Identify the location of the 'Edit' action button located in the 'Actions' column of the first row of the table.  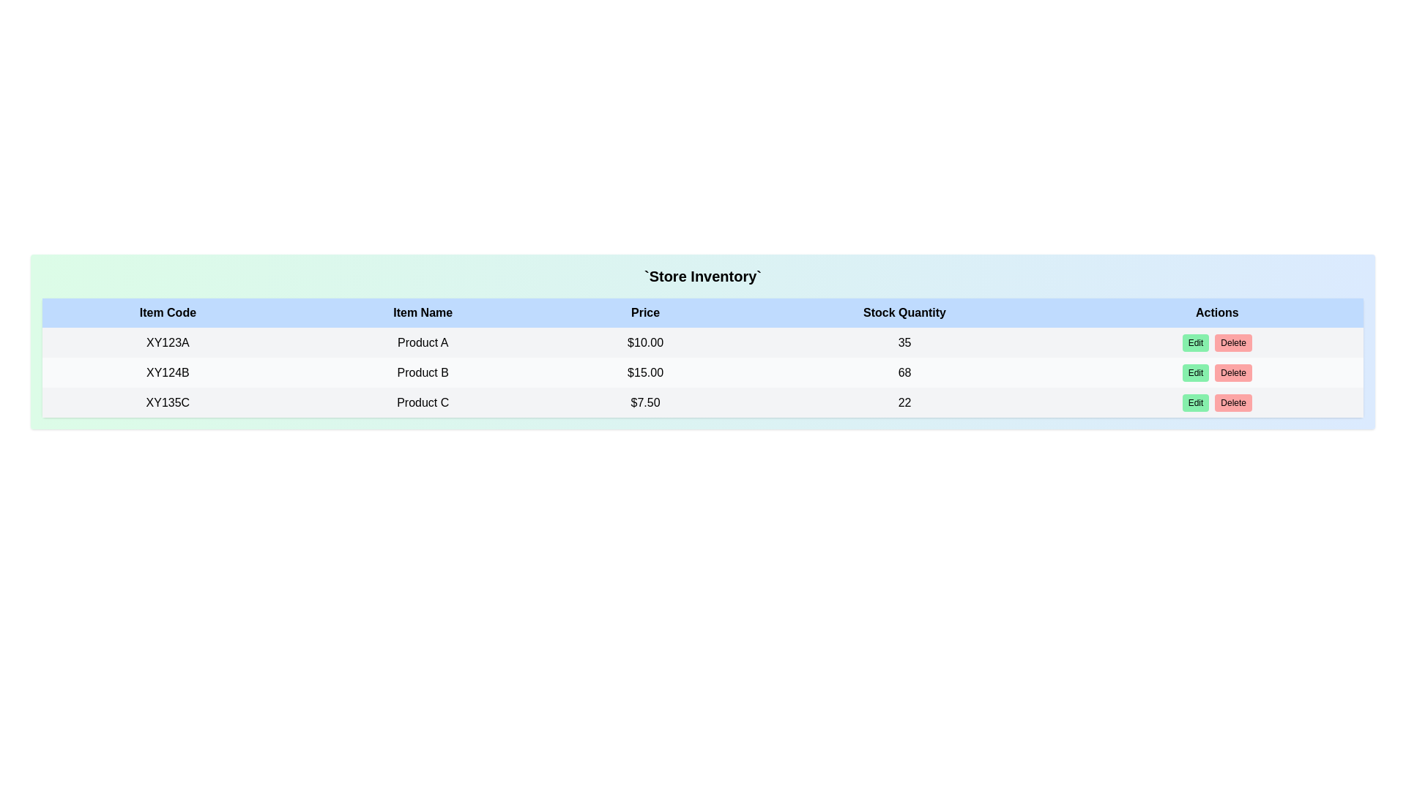
(1195, 343).